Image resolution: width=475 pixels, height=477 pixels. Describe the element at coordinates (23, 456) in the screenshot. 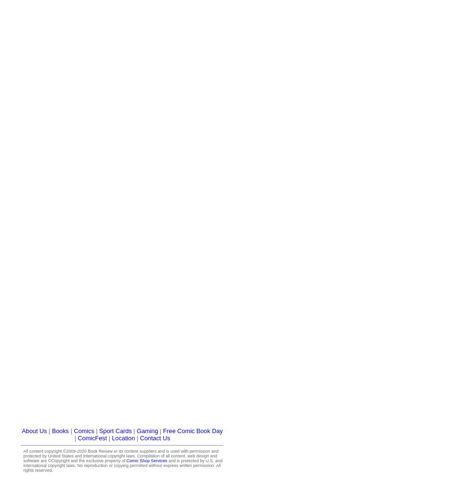

I see `'All content copyright ©2009-2020 Book Review or its content suppliers and is used with permission and protected by United States and international copyright laws.  Compilation of all content, web design and software are ©Copyright and the exclusive property of'` at that location.